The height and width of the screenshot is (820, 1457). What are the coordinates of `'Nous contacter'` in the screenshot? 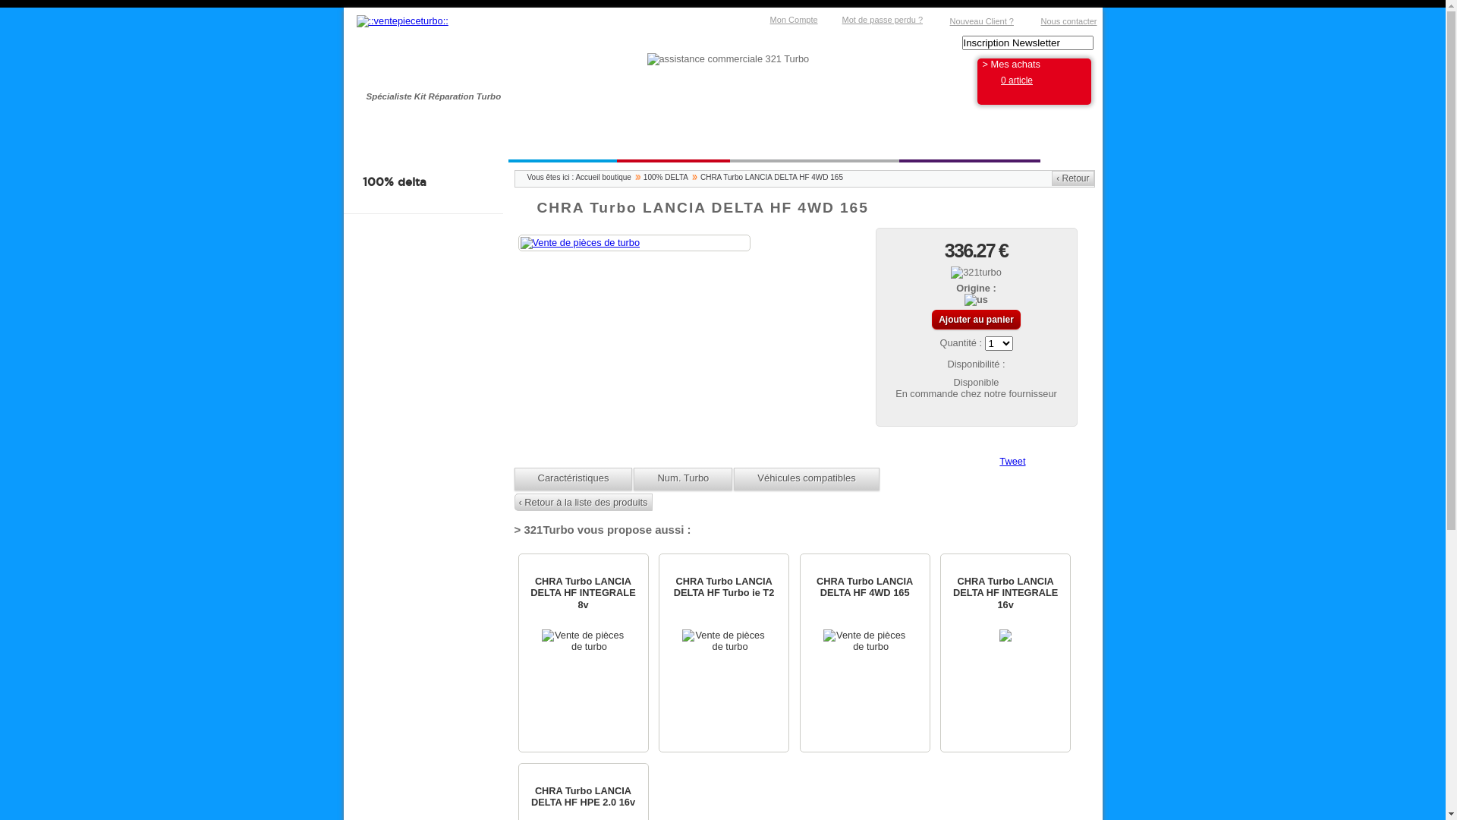 It's located at (1062, 17).